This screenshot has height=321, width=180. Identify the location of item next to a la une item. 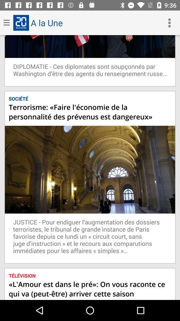
(169, 23).